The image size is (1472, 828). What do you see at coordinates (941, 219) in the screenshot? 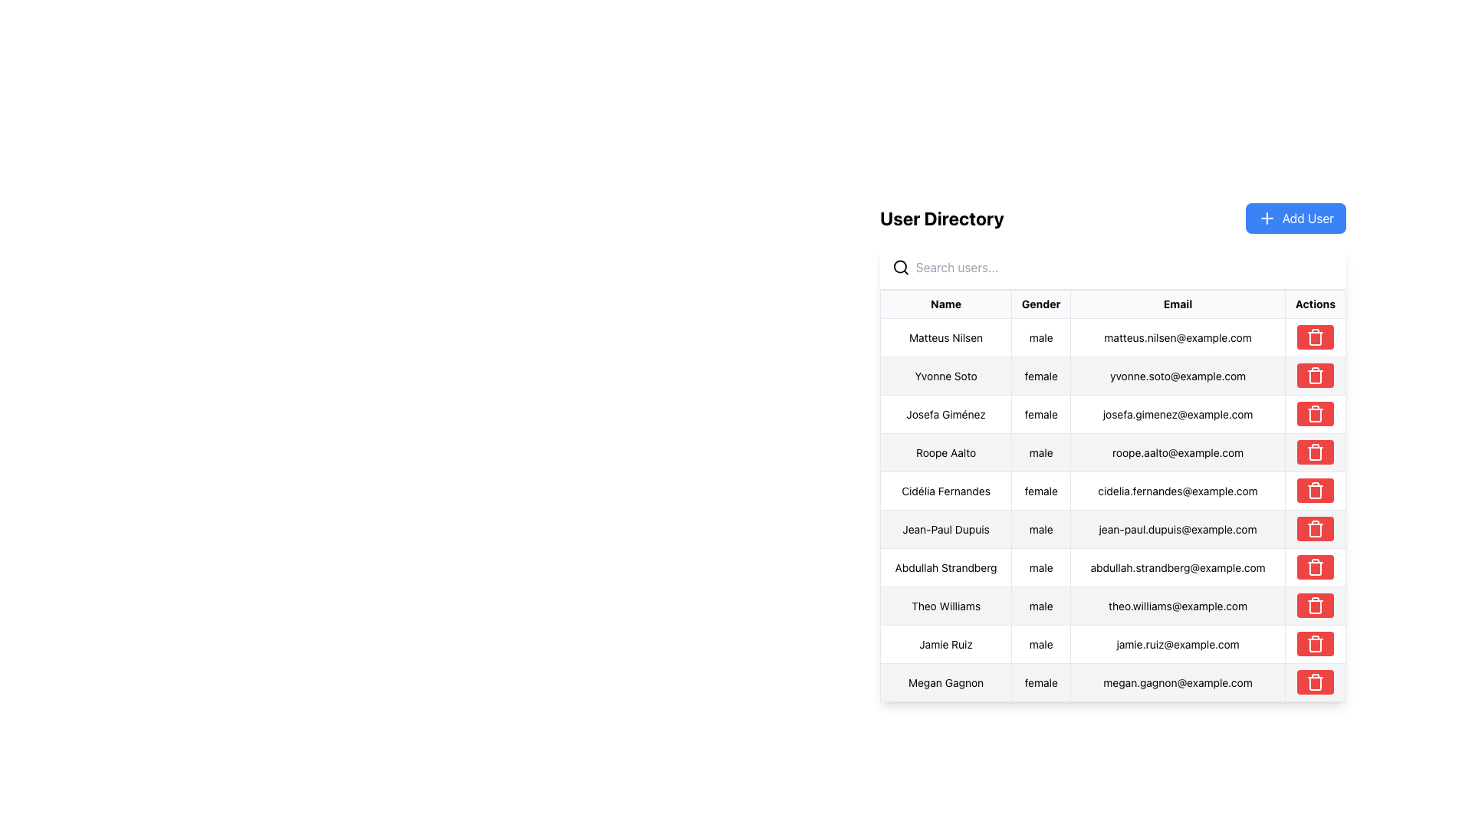
I see `the bold text element reading 'User Directory', which is styled as a heading in large black font, located above the search input field and to the left of the 'Add User' button` at bounding box center [941, 219].